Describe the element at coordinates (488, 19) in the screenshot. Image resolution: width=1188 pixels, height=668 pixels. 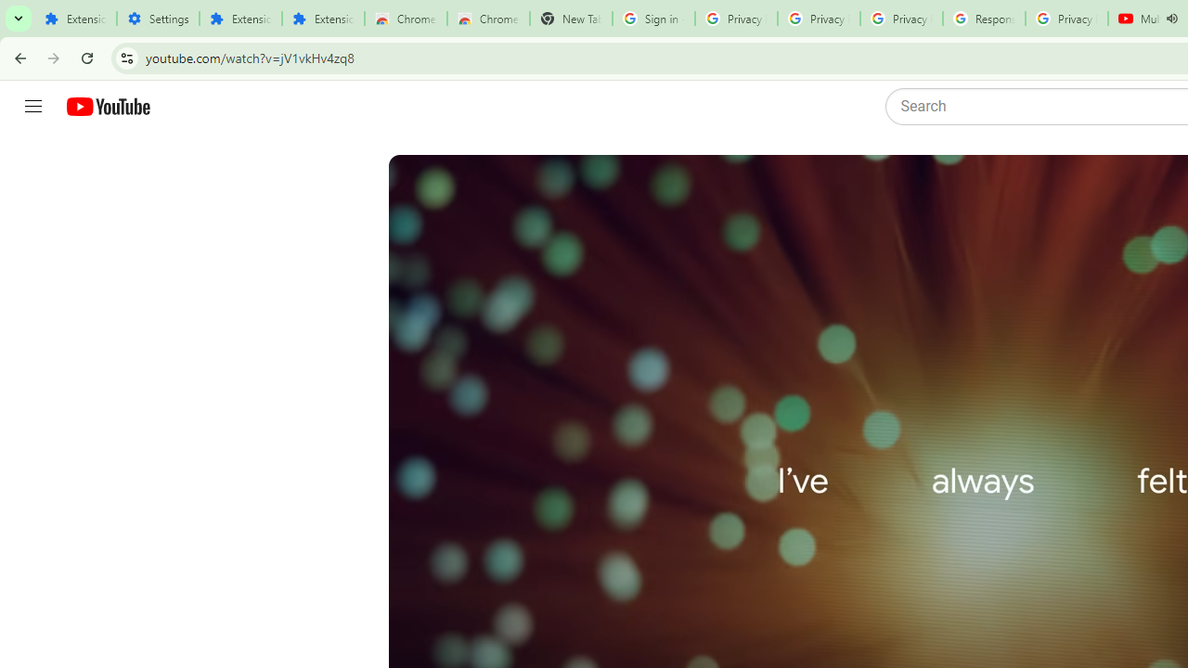
I see `'Chrome Web Store - Themes'` at that location.